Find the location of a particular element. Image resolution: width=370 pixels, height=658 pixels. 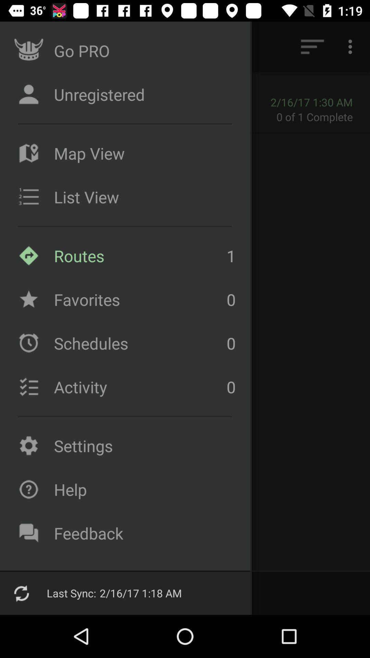

the feedback icon is located at coordinates (28, 533).